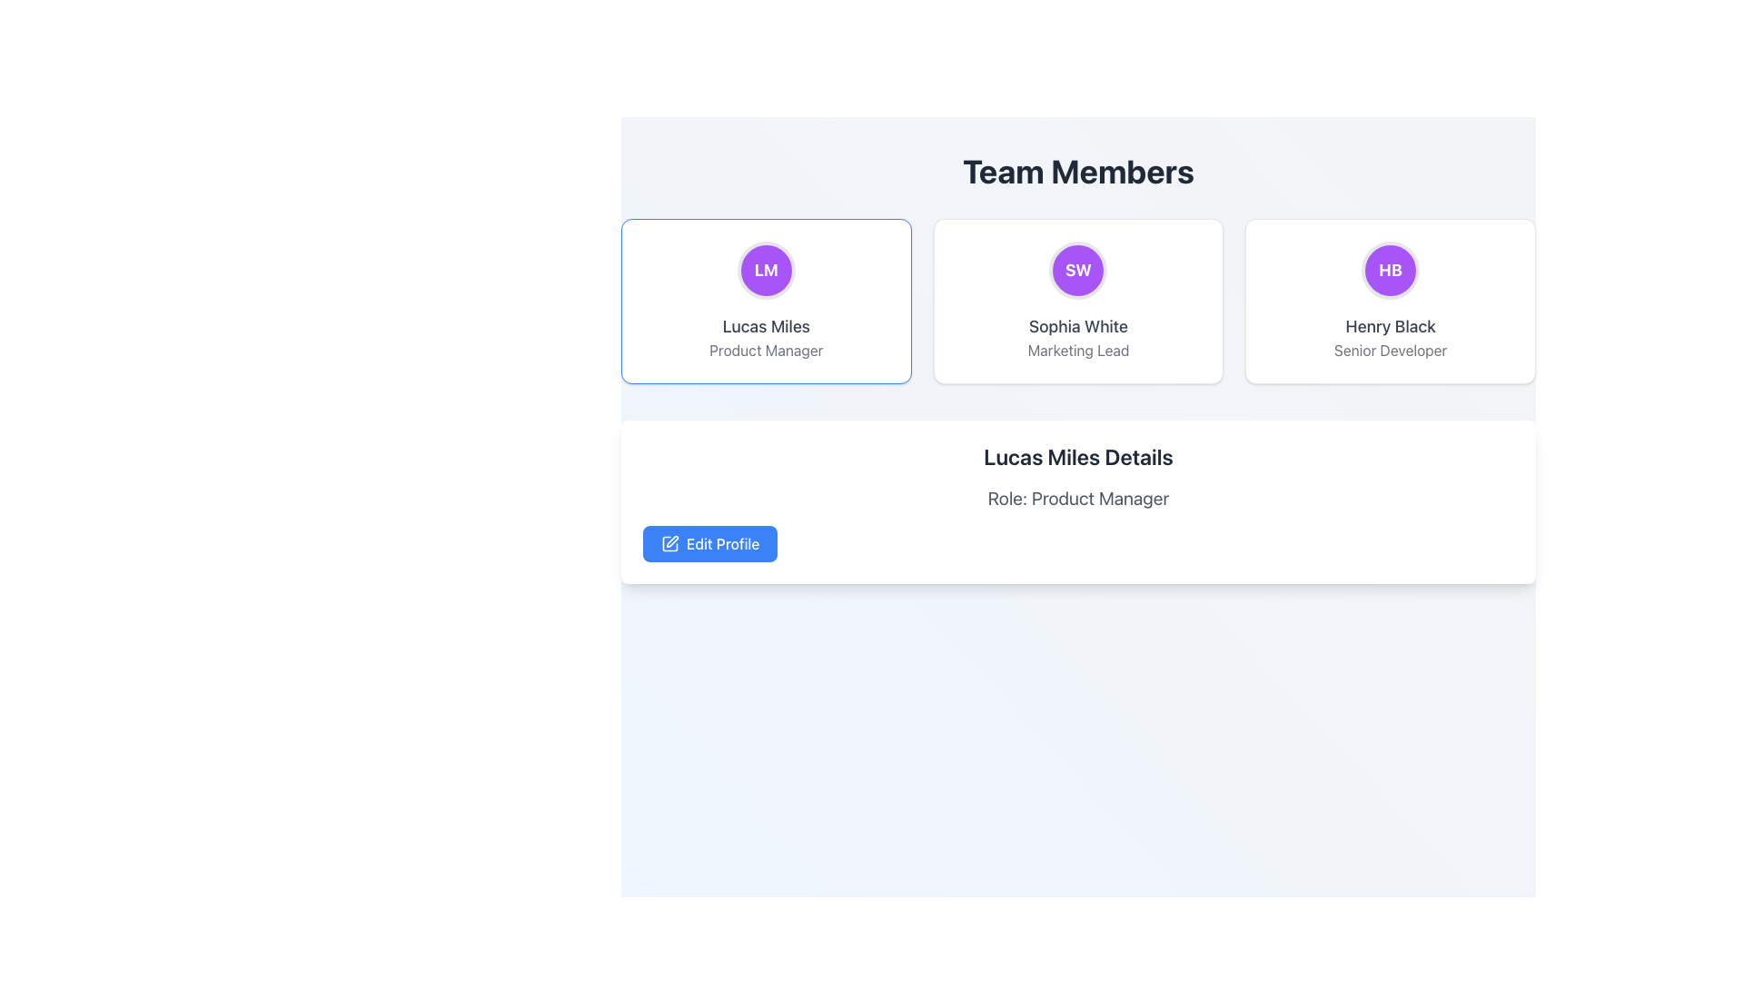 This screenshot has width=1744, height=981. Describe the element at coordinates (1390, 350) in the screenshot. I see `the static text label displaying 'Senior Developer', which is styled in gray and located beneath the name 'Henry Black' in the third card of the 'Team Members' section` at that location.